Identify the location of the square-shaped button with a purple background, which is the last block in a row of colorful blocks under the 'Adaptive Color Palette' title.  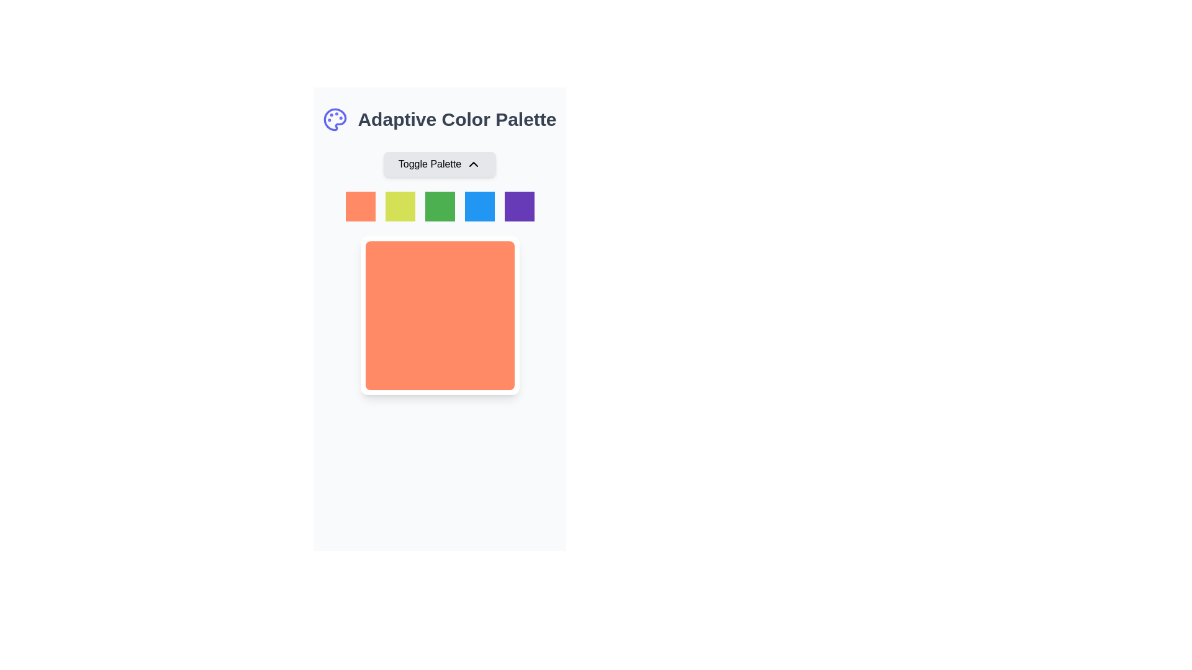
(519, 205).